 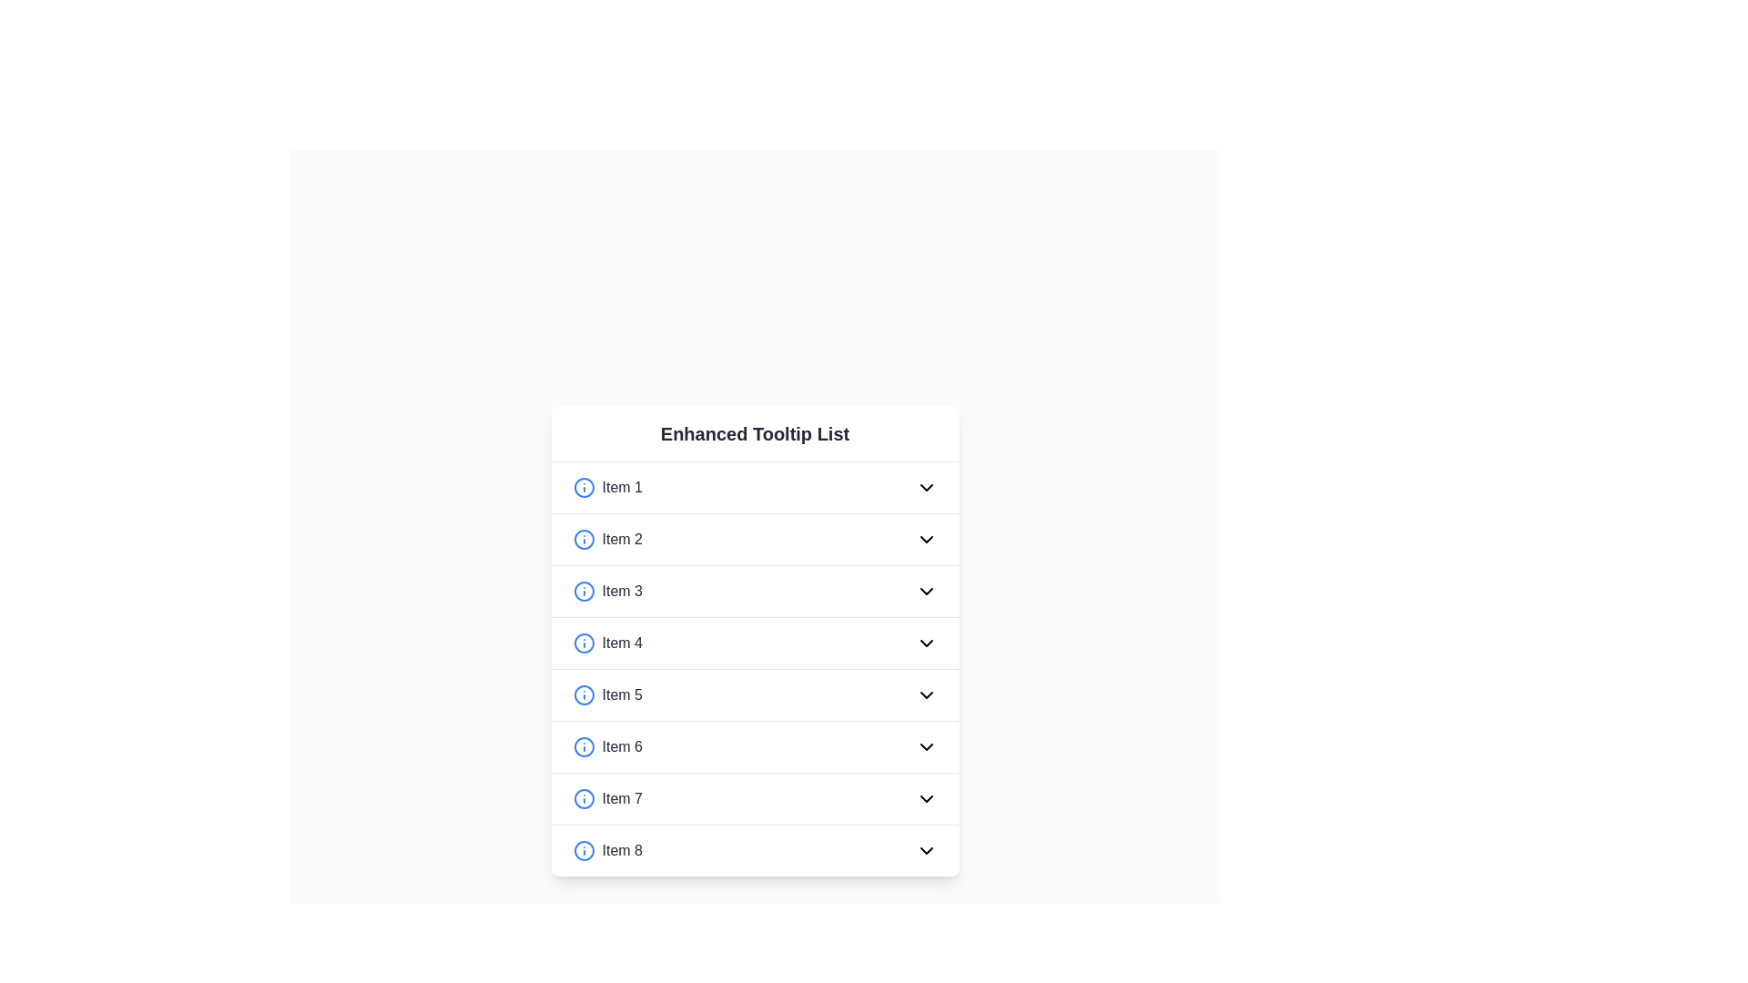 I want to click on the label in the eighth row of the list, which serves as a descriptor next to a blue circular icon with an information symbol, so click(x=622, y=850).